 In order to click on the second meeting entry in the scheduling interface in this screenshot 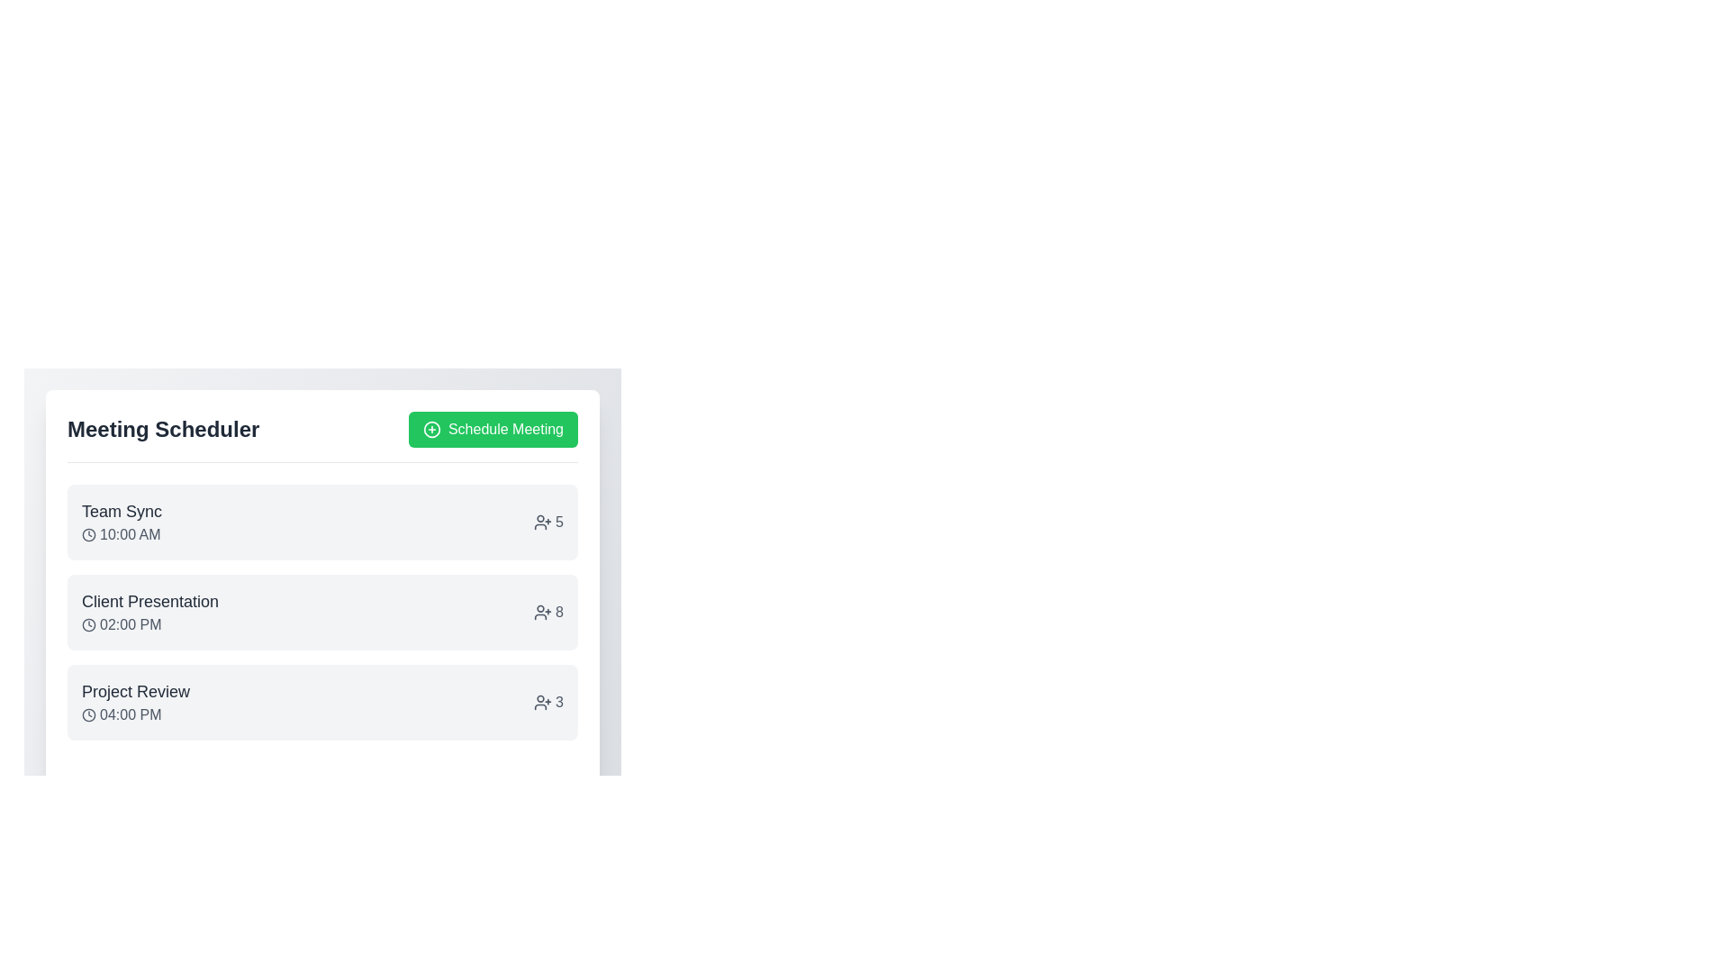, I will do `click(322, 611)`.